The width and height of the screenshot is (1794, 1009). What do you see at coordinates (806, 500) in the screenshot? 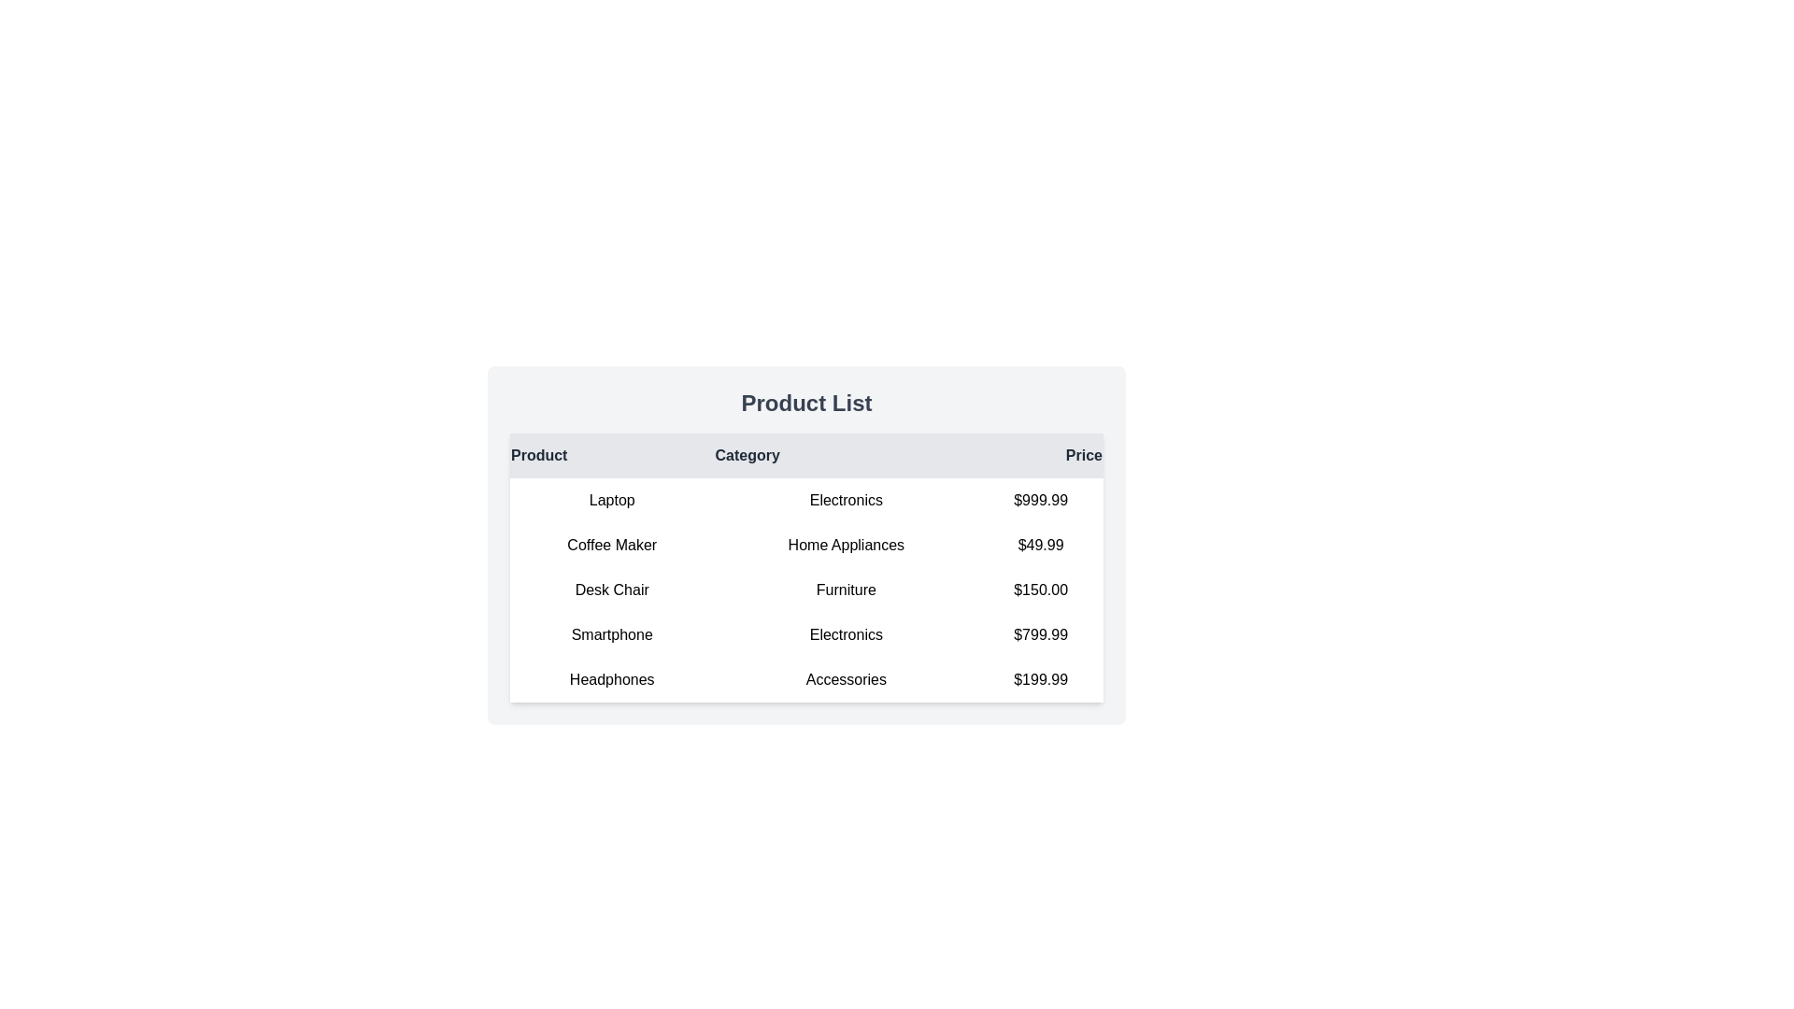
I see `the first row in the product table displaying details for an 'Electronics' product priced at $999.99` at bounding box center [806, 500].